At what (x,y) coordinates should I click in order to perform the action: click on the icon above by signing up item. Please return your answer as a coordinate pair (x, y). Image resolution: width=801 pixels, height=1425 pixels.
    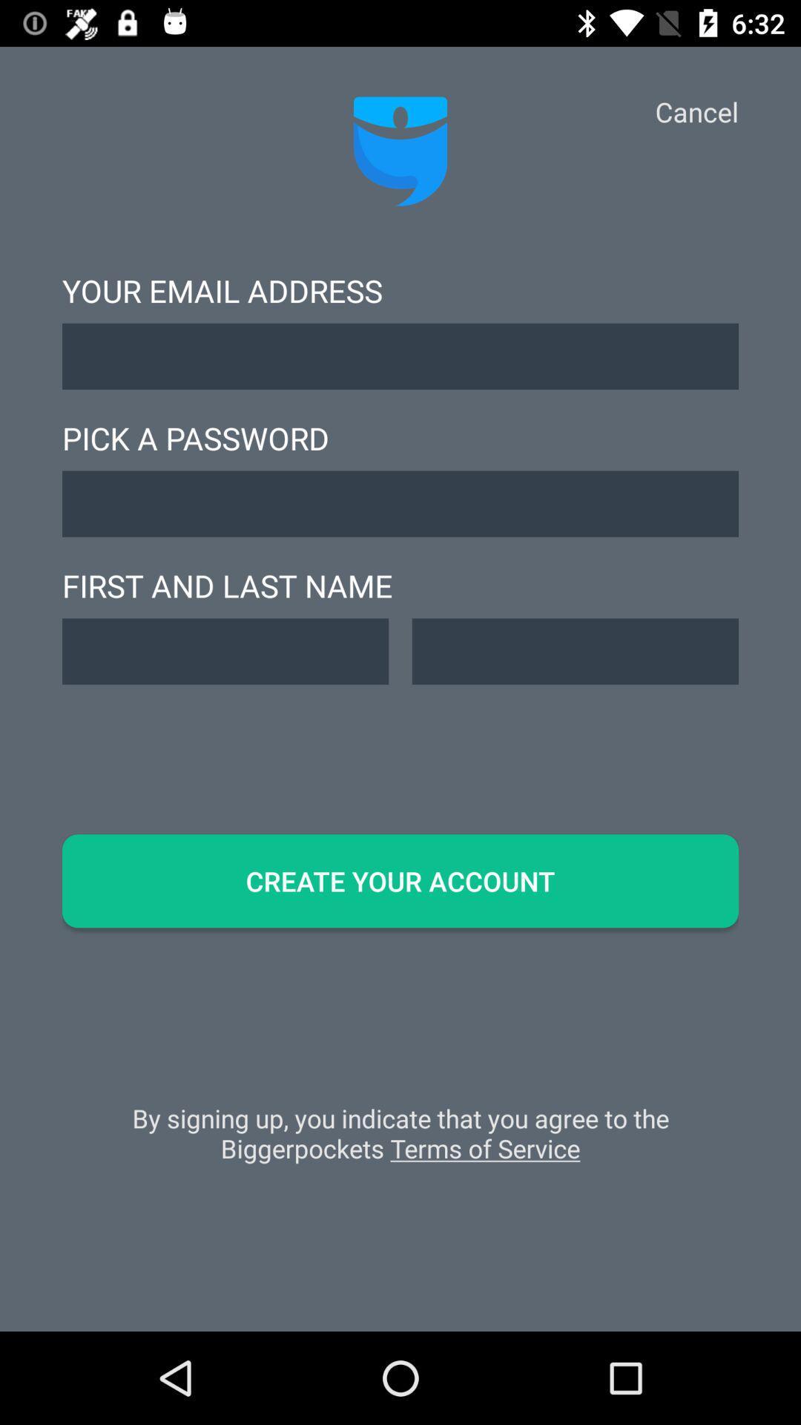
    Looking at the image, I should click on (400, 881).